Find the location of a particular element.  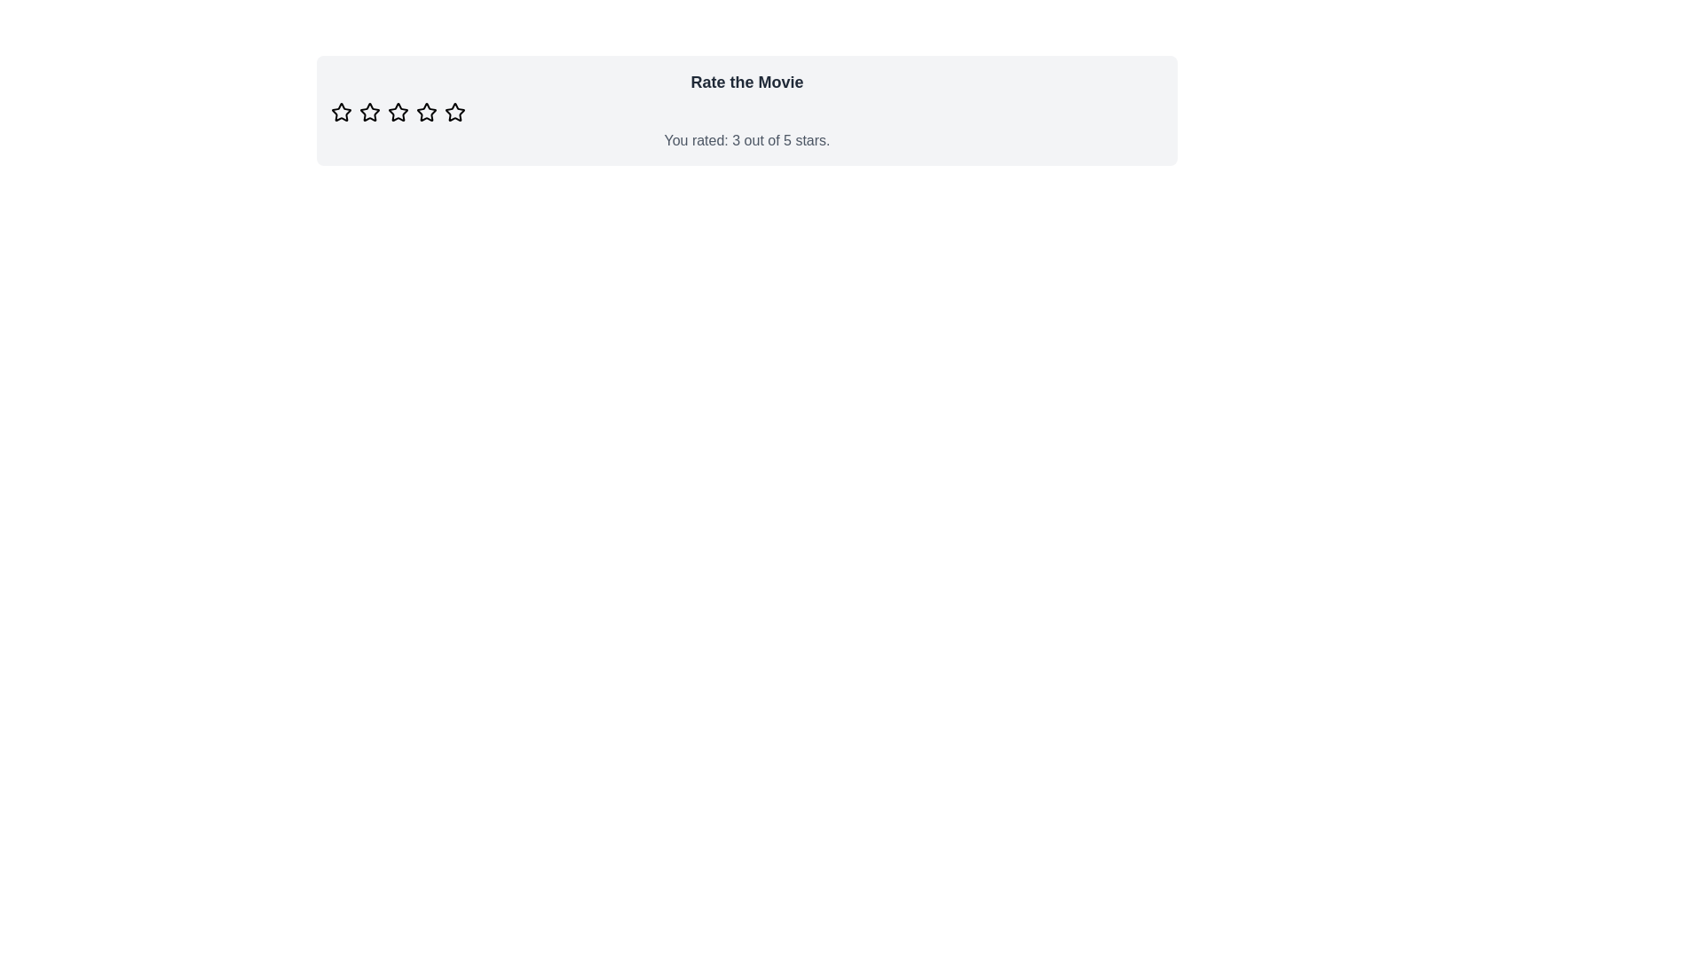

the heading text by clicking on it is located at coordinates (746, 82).